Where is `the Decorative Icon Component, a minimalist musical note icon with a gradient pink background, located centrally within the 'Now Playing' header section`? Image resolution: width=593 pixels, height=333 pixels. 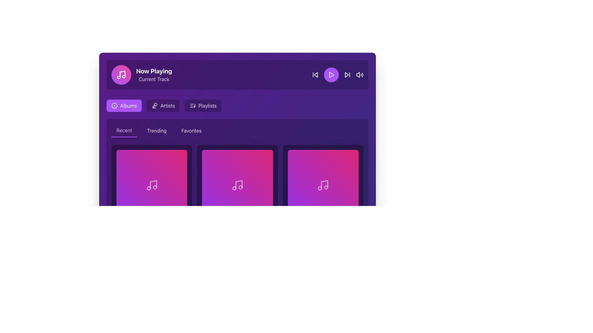 the Decorative Icon Component, a minimalist musical note icon with a gradient pink background, located centrally within the 'Now Playing' header section is located at coordinates (123, 74).